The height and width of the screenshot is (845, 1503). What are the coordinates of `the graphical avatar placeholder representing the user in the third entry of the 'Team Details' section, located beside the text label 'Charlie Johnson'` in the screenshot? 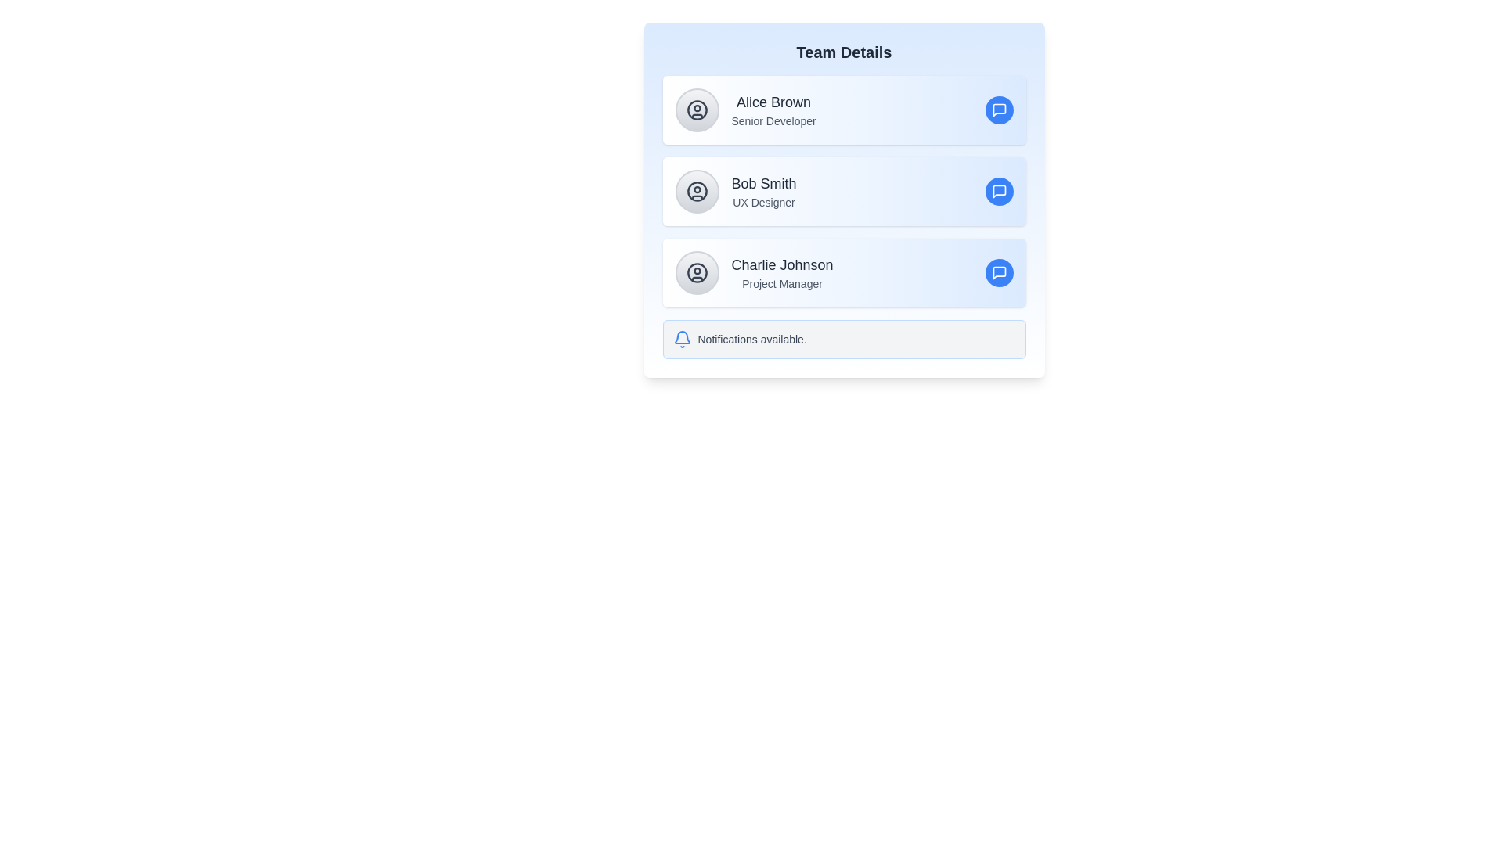 It's located at (696, 271).